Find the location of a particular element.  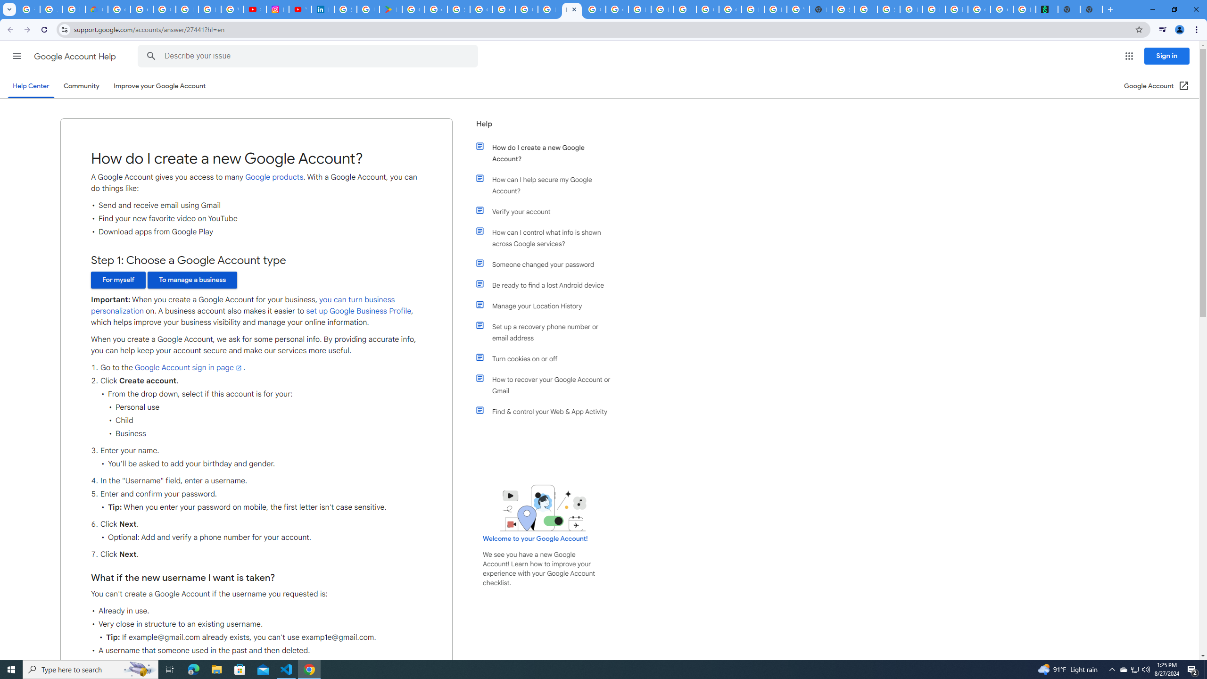

'Verify your account' is located at coordinates (548, 211).